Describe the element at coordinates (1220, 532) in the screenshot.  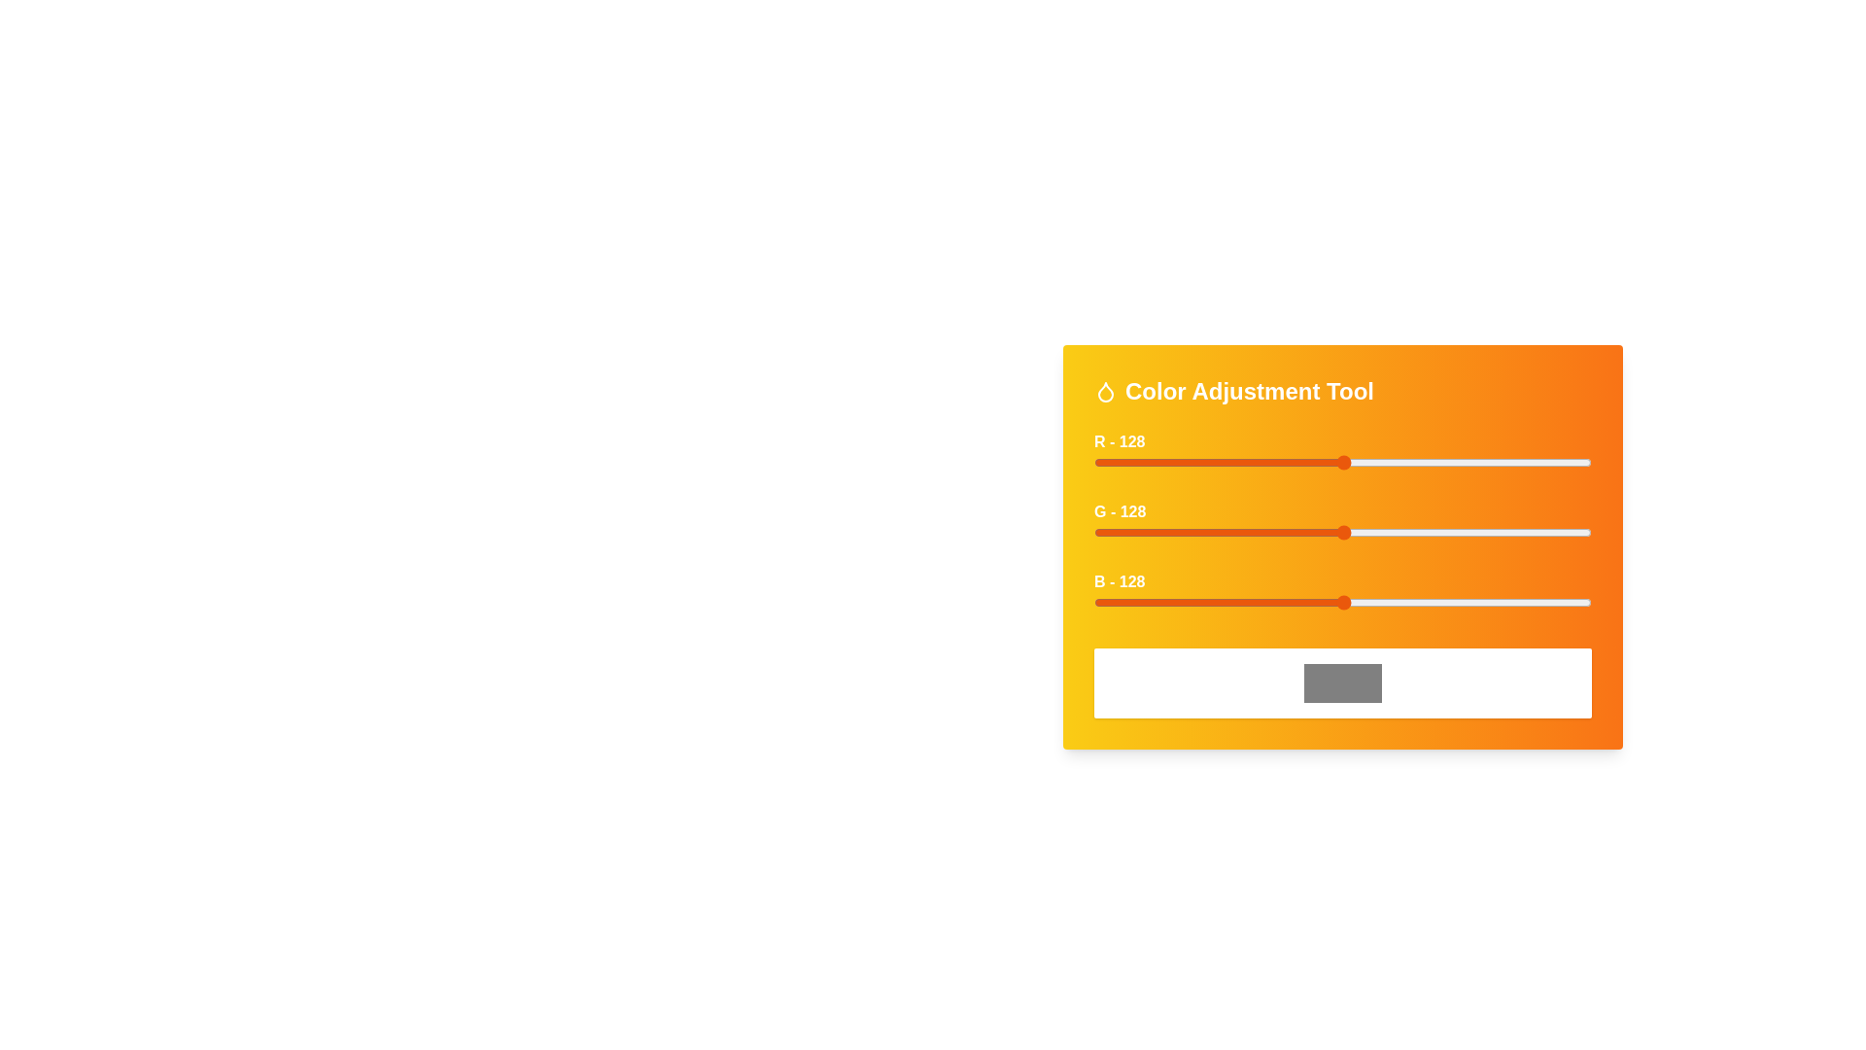
I see `the green slider to set the green intensity to 65` at that location.